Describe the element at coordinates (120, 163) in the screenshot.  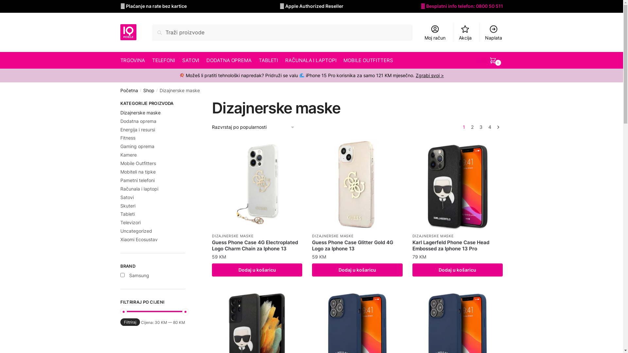
I see `'Mobile Outfitters'` at that location.